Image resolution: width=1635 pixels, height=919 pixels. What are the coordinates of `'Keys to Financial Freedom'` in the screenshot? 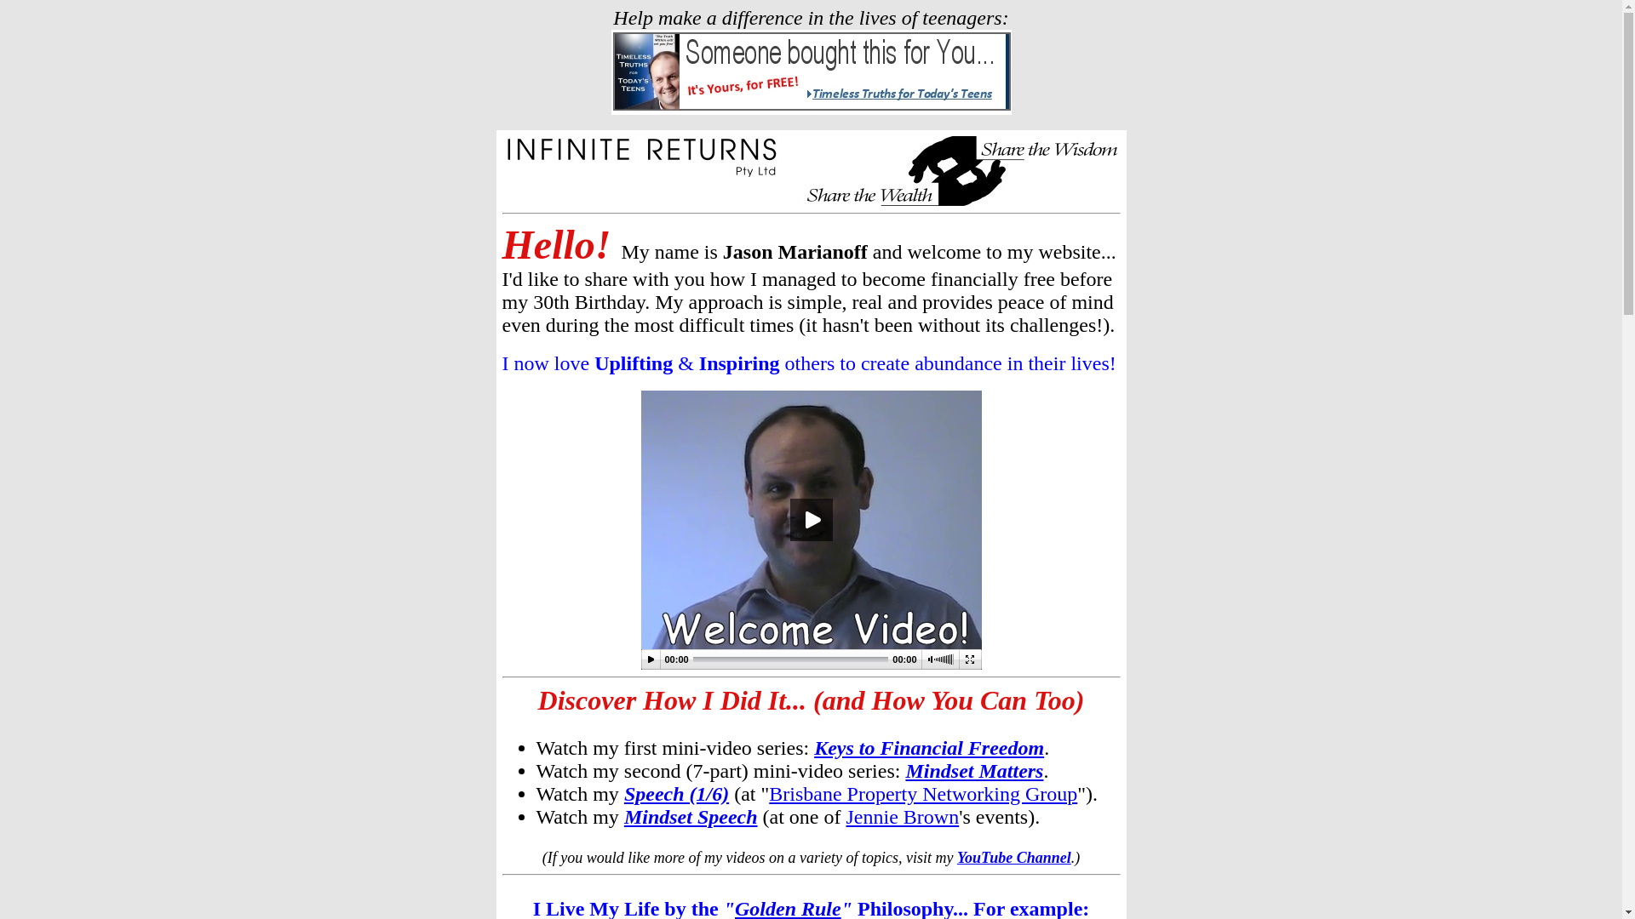 It's located at (927, 747).